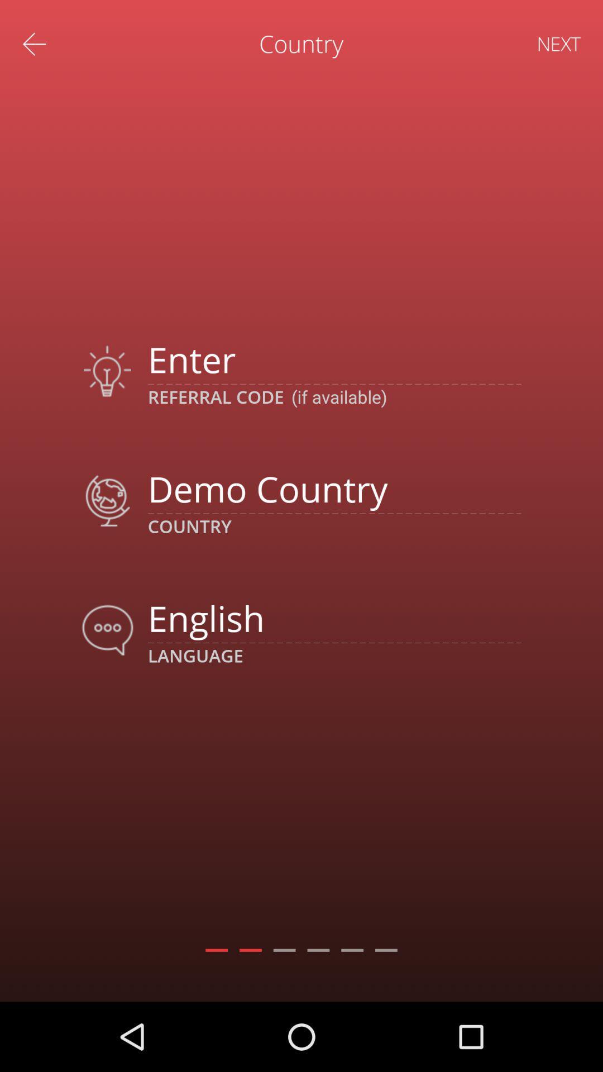 Image resolution: width=603 pixels, height=1072 pixels. What do you see at coordinates (334, 489) in the screenshot?
I see `item below referral code item` at bounding box center [334, 489].